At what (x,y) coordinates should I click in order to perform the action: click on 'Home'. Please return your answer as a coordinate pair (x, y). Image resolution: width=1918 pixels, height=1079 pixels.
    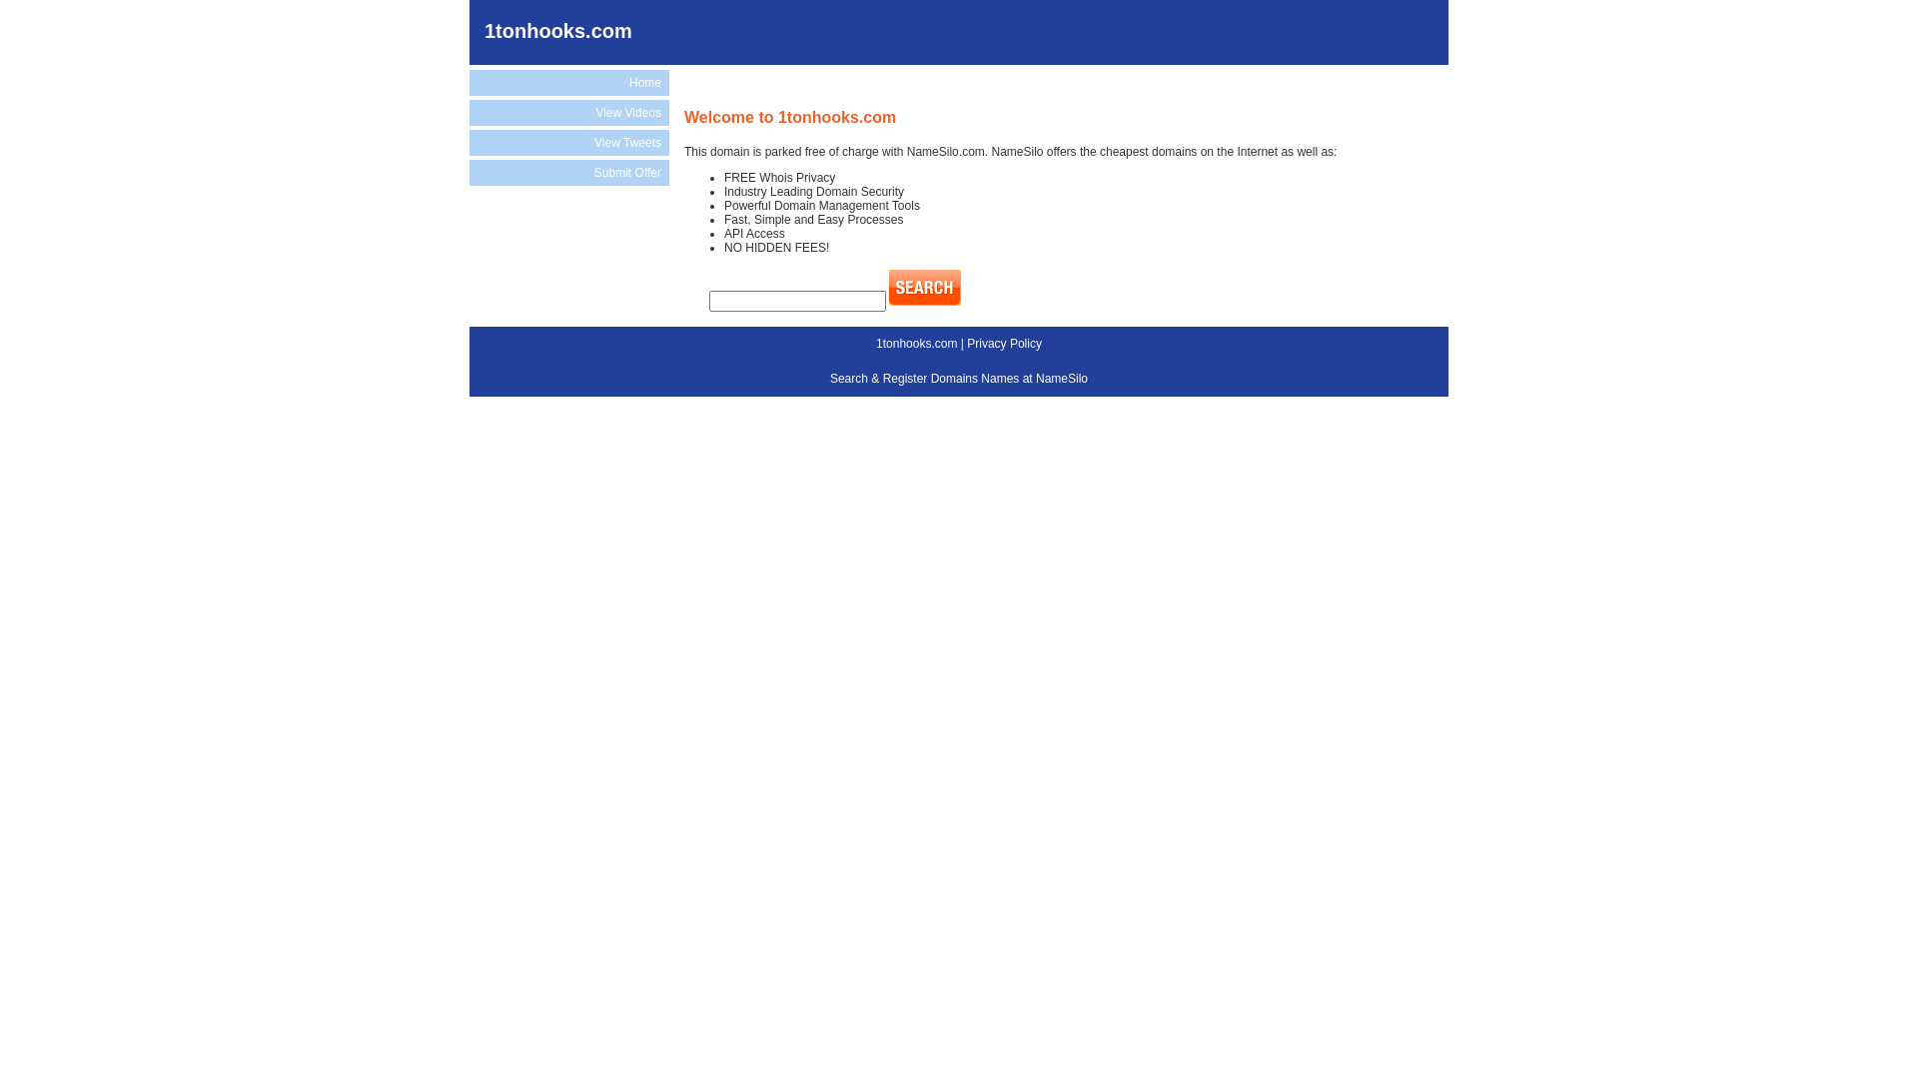
    Looking at the image, I should click on (568, 82).